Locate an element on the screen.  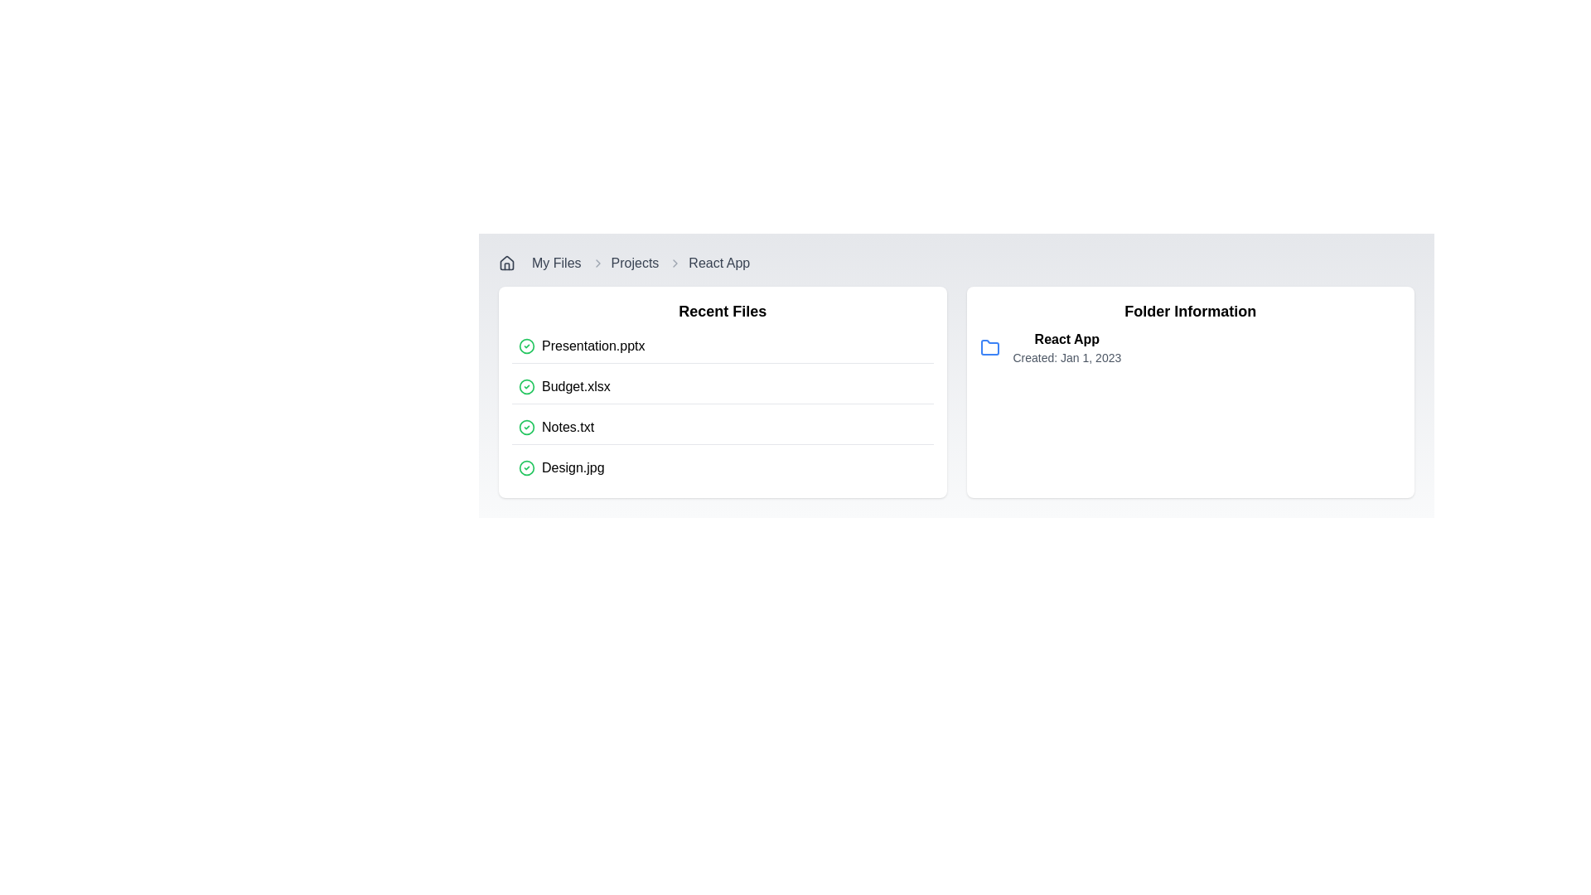
the folder icon with a blue outline and white background located in the 'Folder Information' panel, near the text label 'React App Created: Jan 1, 2023.' is located at coordinates (989, 346).